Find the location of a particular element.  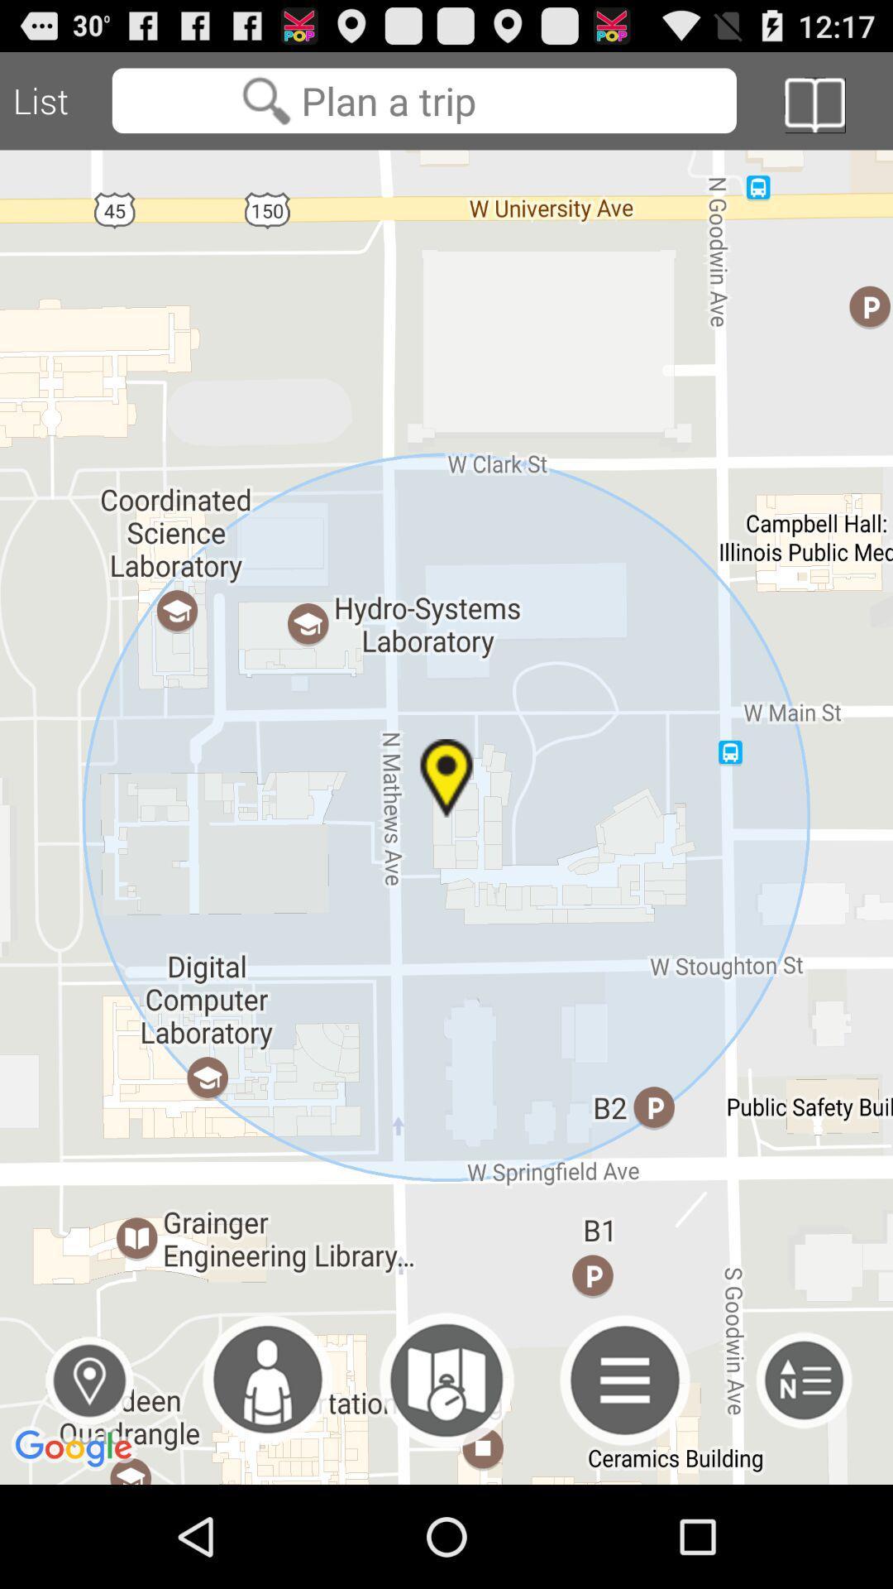

the list icon is located at coordinates (55, 100).